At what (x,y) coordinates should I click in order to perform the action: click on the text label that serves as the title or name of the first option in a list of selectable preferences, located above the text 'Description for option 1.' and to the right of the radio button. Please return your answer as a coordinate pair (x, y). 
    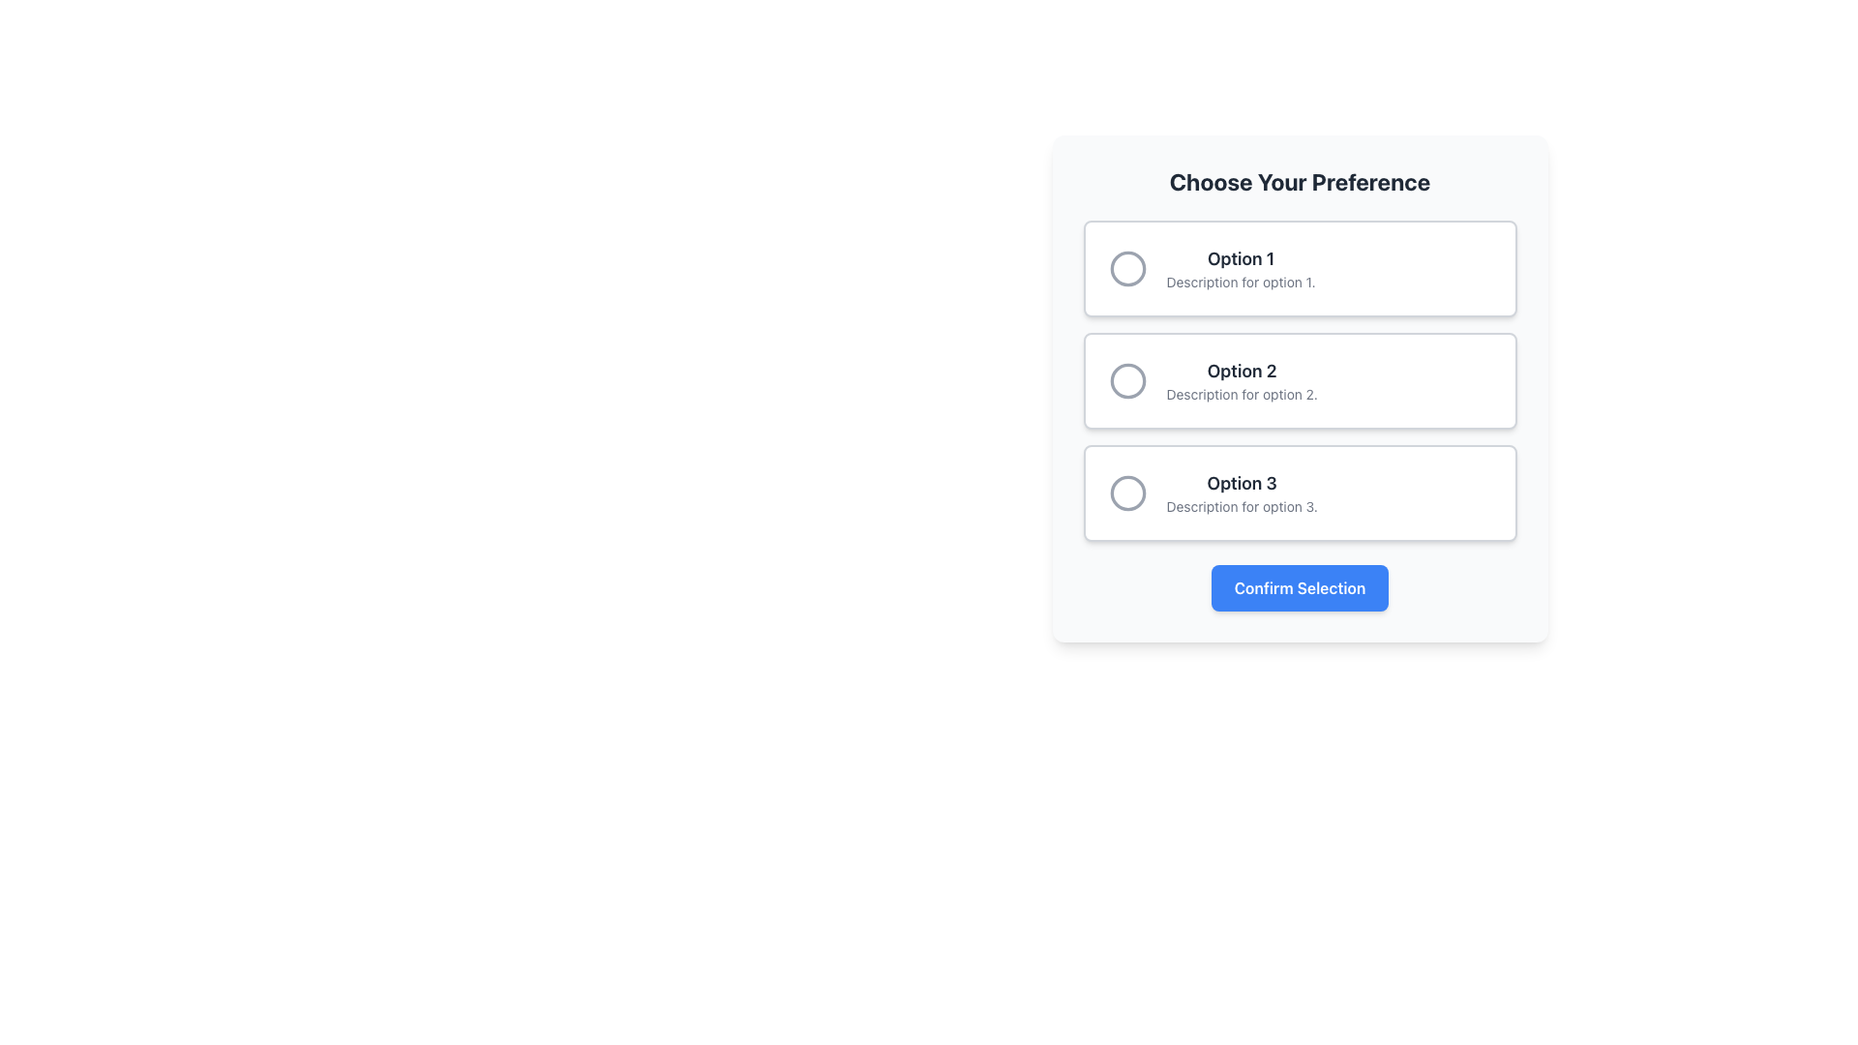
    Looking at the image, I should click on (1241, 257).